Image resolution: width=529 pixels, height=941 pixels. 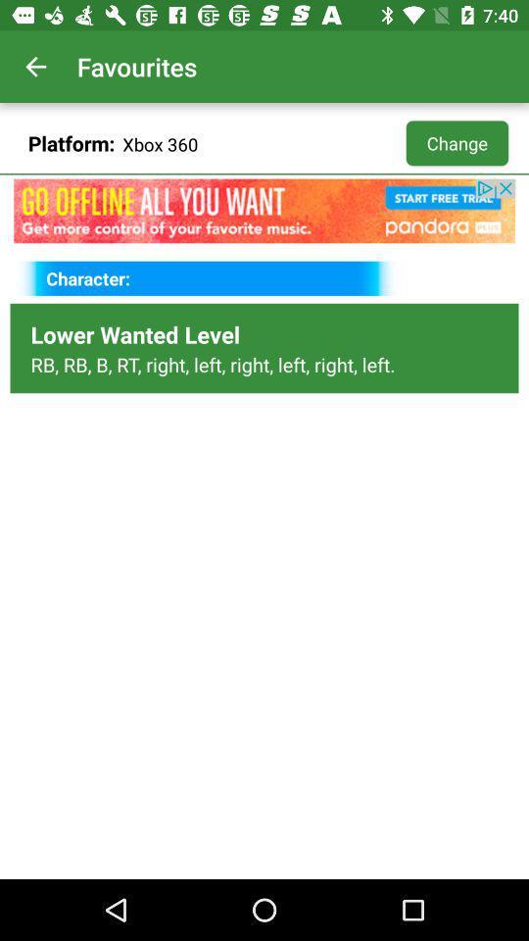 What do you see at coordinates (264, 211) in the screenshot?
I see `music` at bounding box center [264, 211].